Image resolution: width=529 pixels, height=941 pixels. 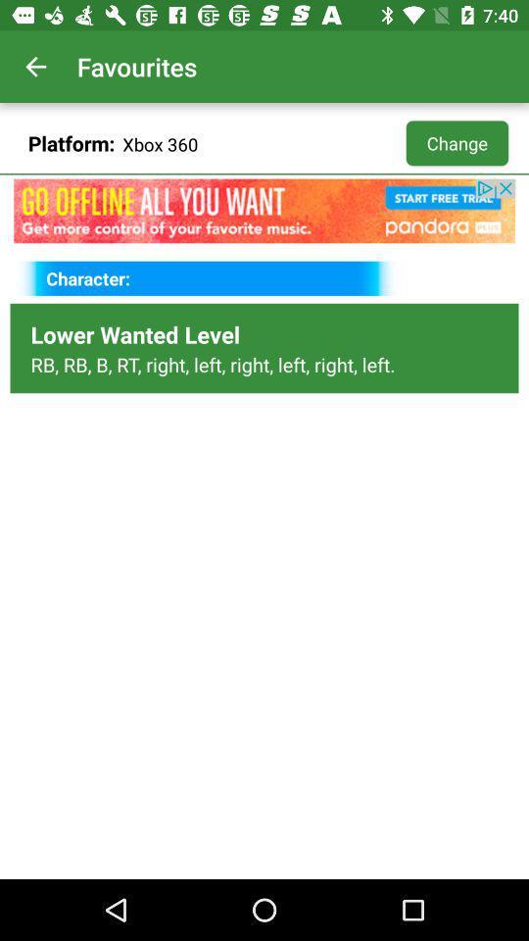 What do you see at coordinates (264, 211) in the screenshot?
I see `music` at bounding box center [264, 211].